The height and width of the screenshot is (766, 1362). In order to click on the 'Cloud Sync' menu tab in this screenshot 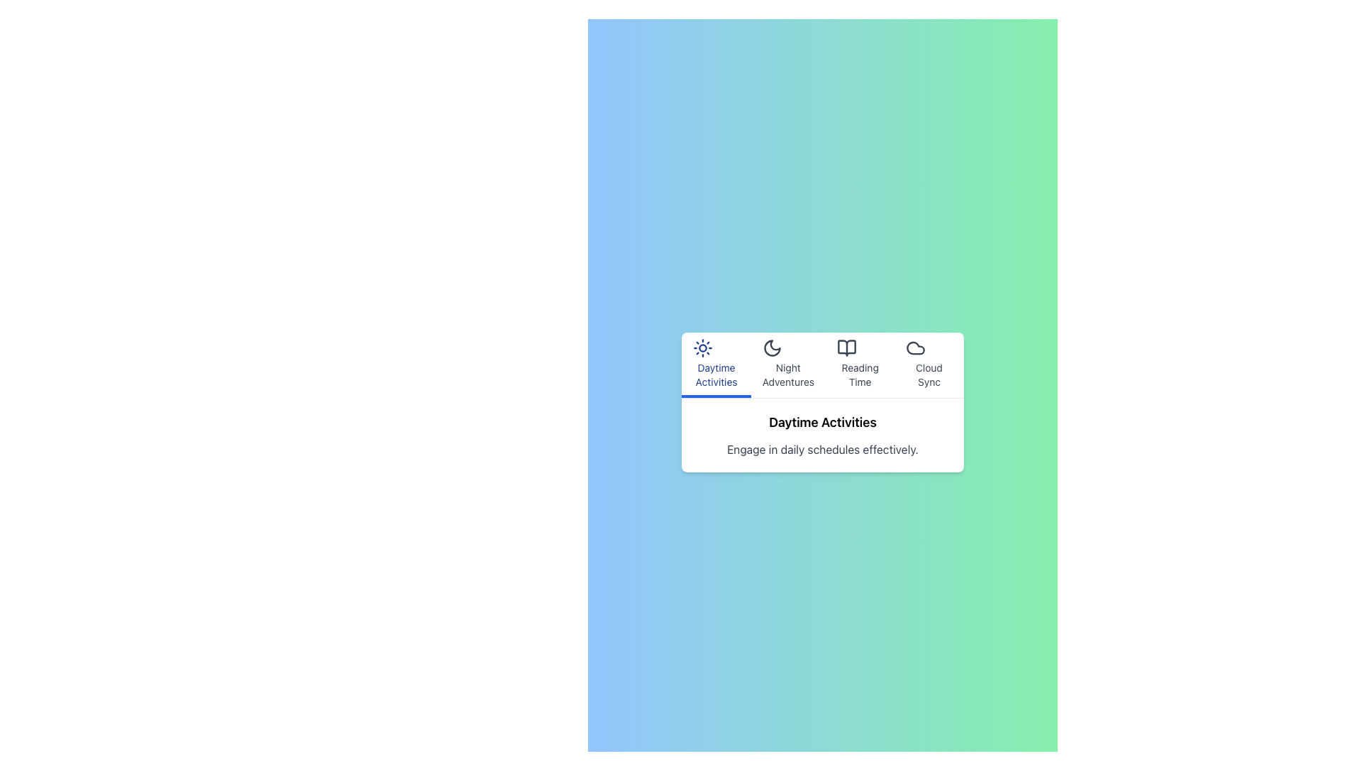, I will do `click(929, 364)`.